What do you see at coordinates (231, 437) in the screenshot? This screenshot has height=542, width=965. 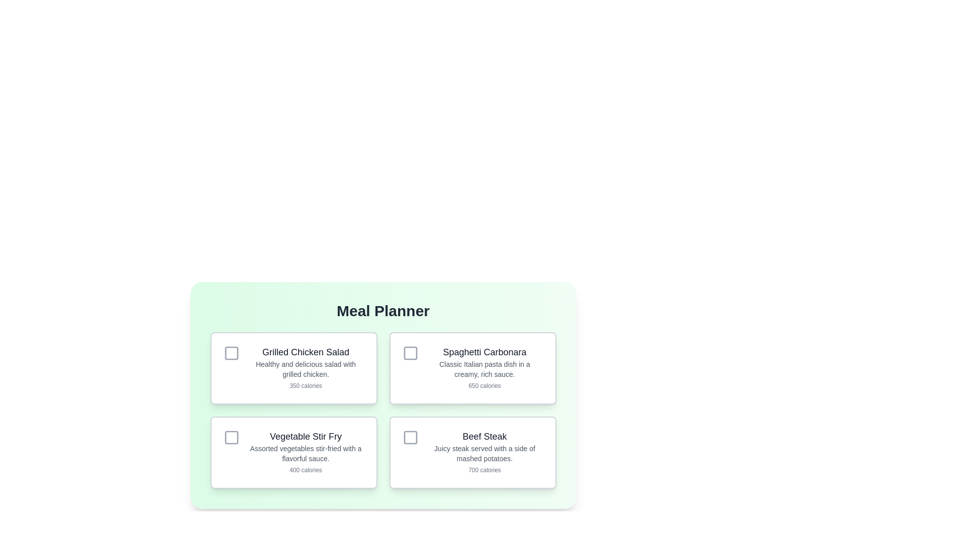 I see `the checkbox located in the 'Vegetable Stir Fry' card in the meal selection grid` at bounding box center [231, 437].